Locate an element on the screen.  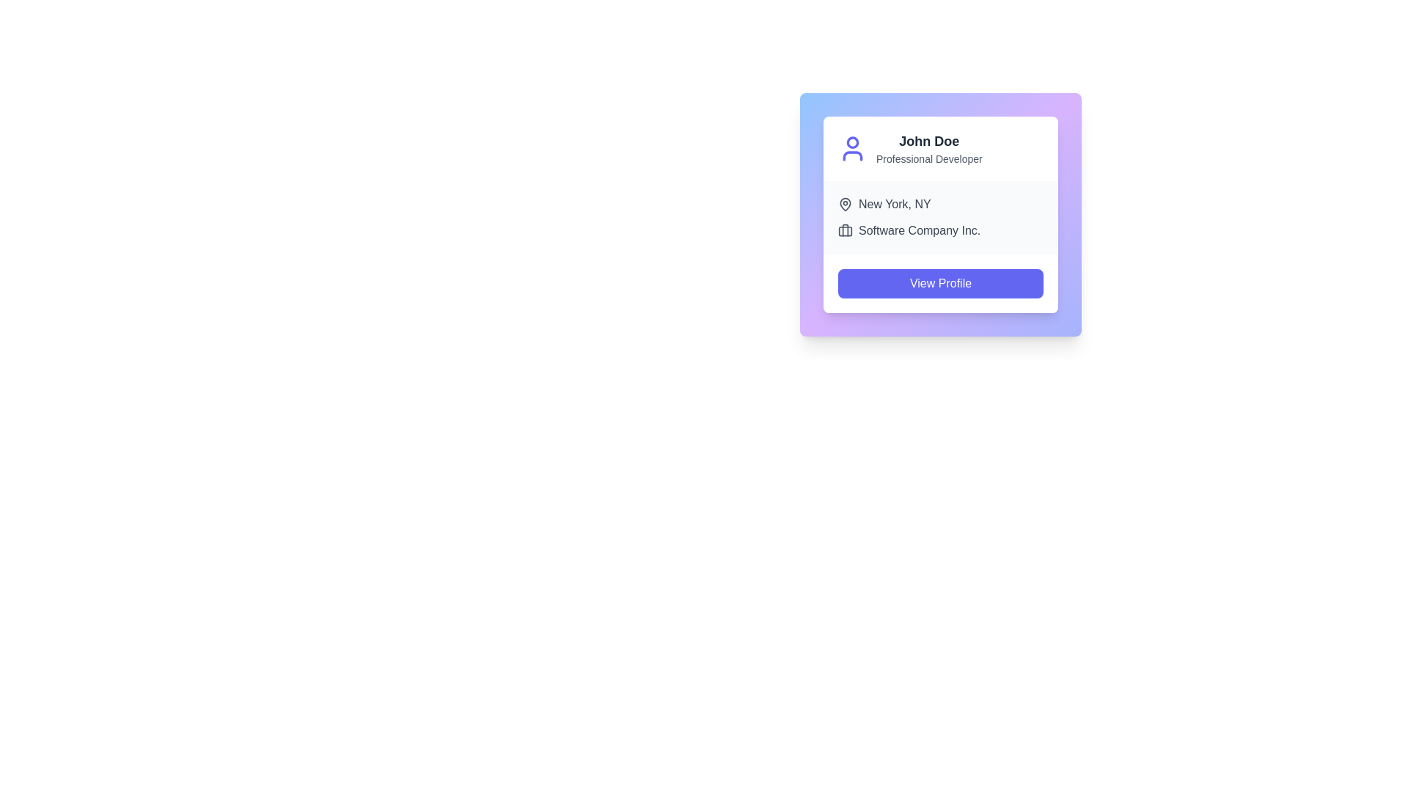
the text display element that shows 'John Doe' and 'Professional Developer' in the top-right segment of the user interface is located at coordinates (928, 149).